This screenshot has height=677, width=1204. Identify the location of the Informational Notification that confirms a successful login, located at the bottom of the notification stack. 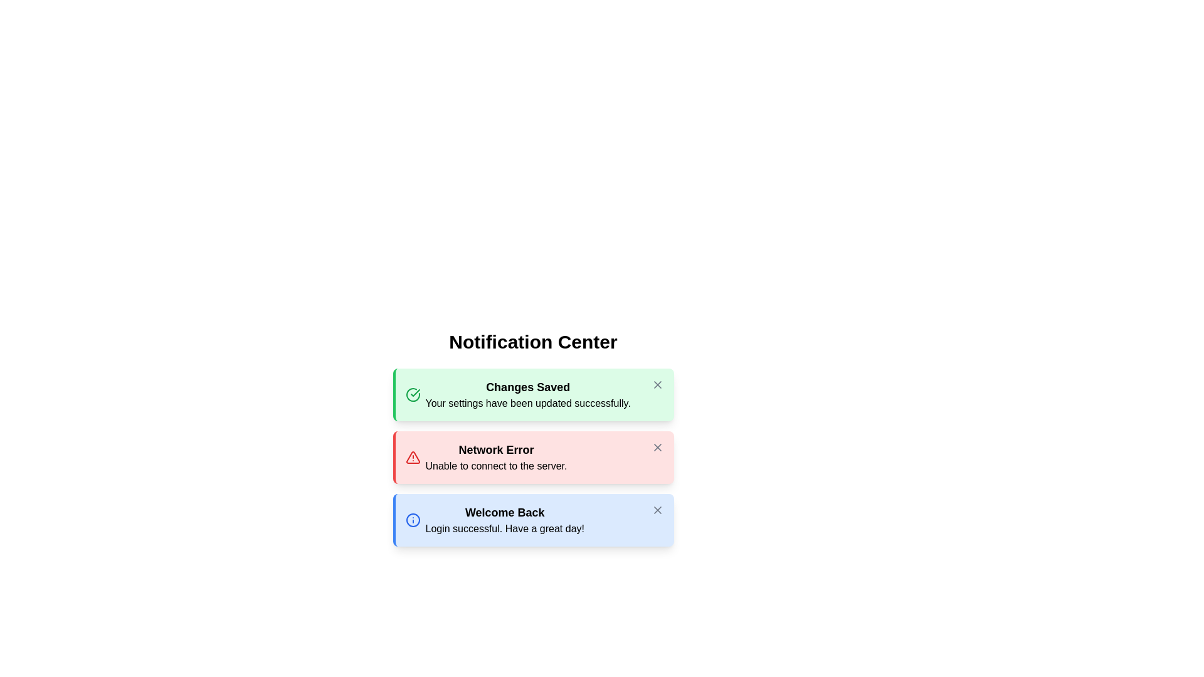
(494, 520).